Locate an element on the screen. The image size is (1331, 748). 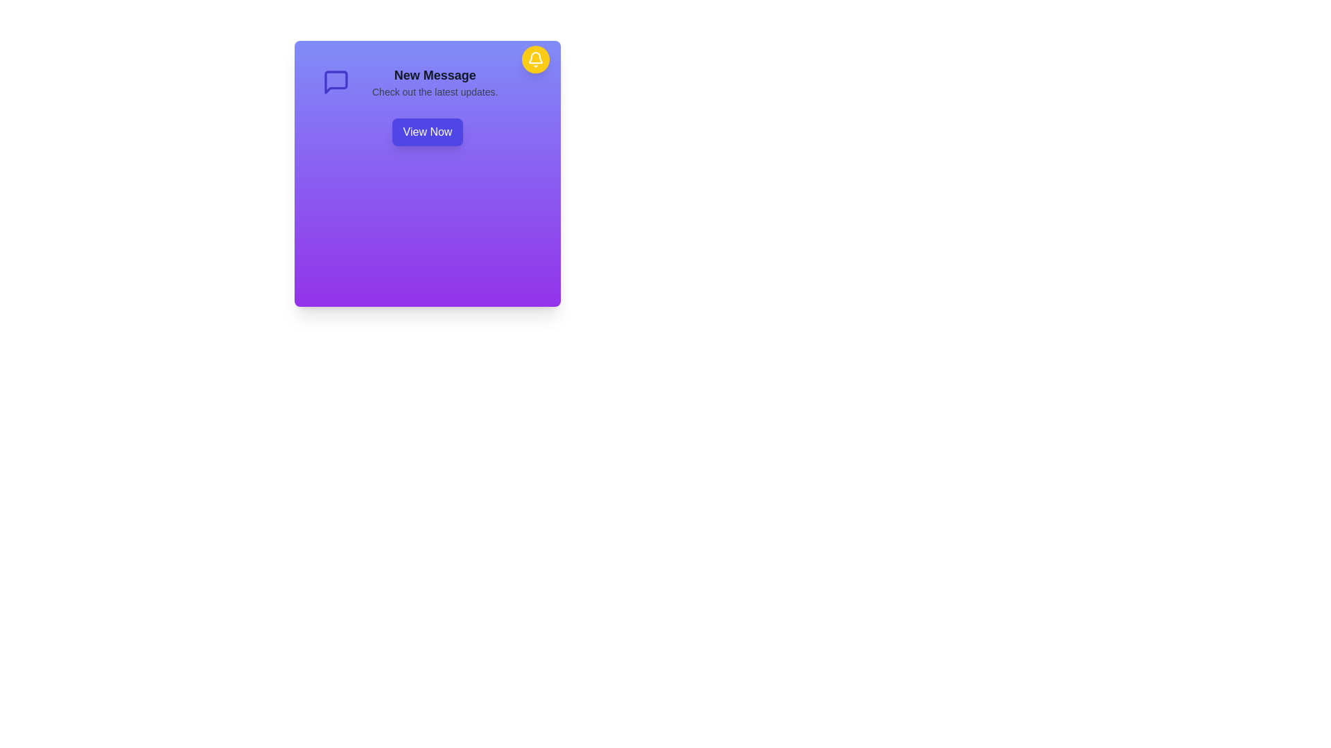
the call-to-action button located beneath the 'New Message' and 'Check out the latest updates.' text to observe hover effects is located at coordinates (427, 132).